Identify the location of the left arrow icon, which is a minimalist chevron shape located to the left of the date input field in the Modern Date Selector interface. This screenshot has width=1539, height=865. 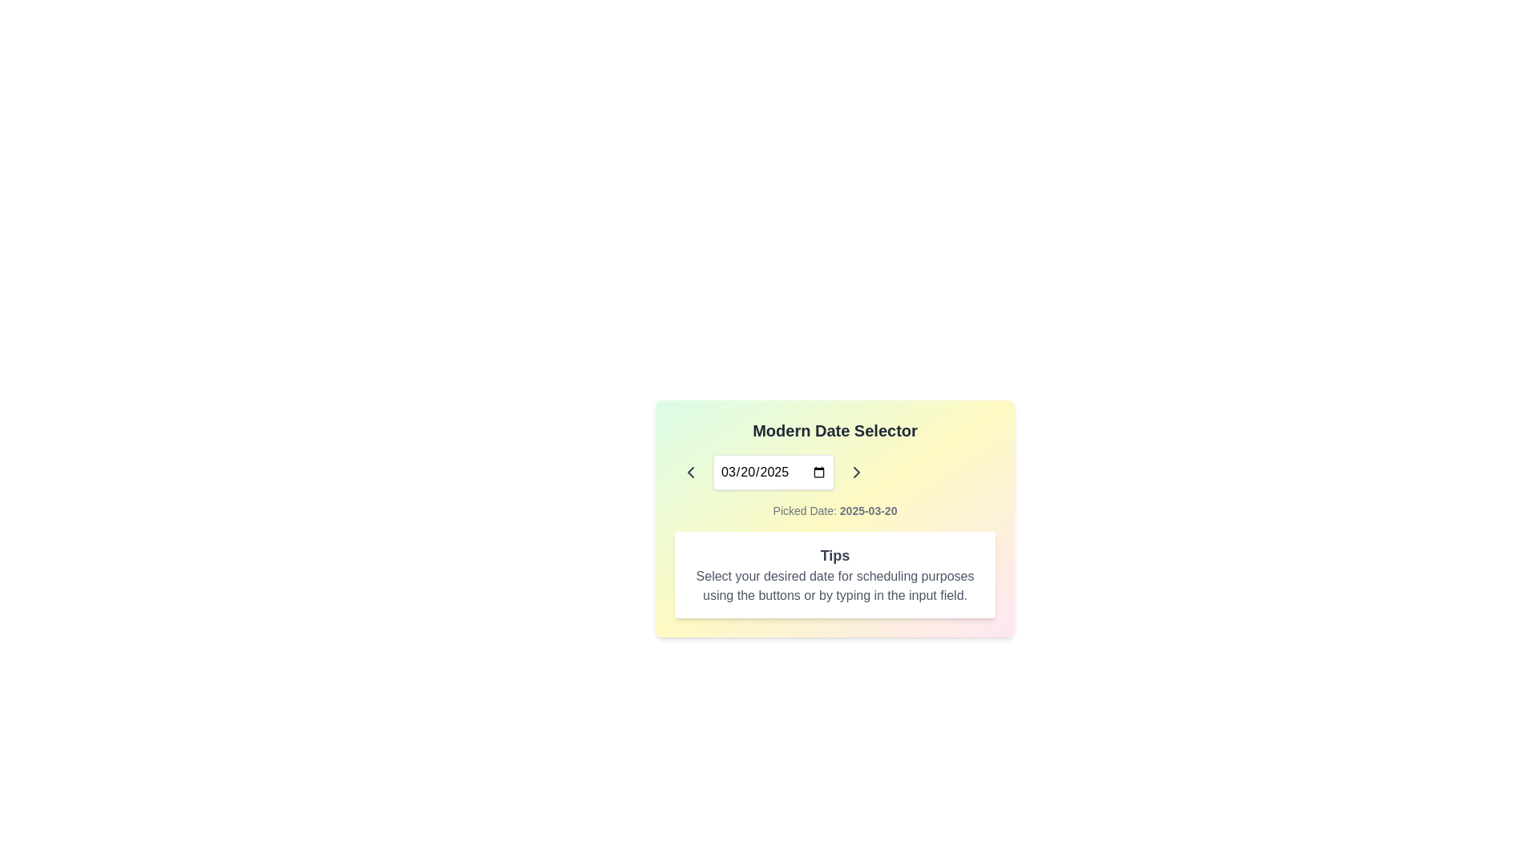
(691, 472).